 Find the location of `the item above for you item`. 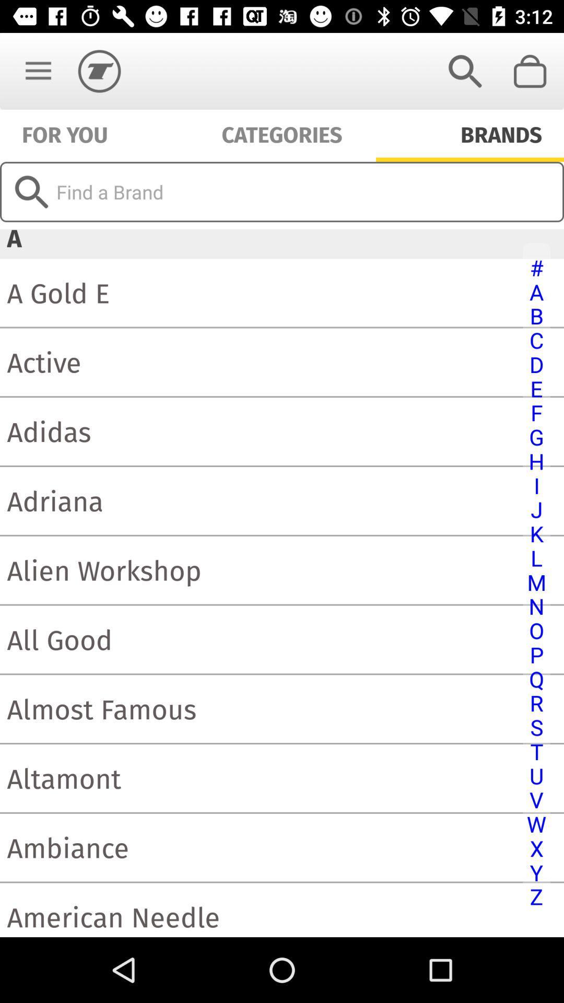

the item above for you item is located at coordinates (38, 71).